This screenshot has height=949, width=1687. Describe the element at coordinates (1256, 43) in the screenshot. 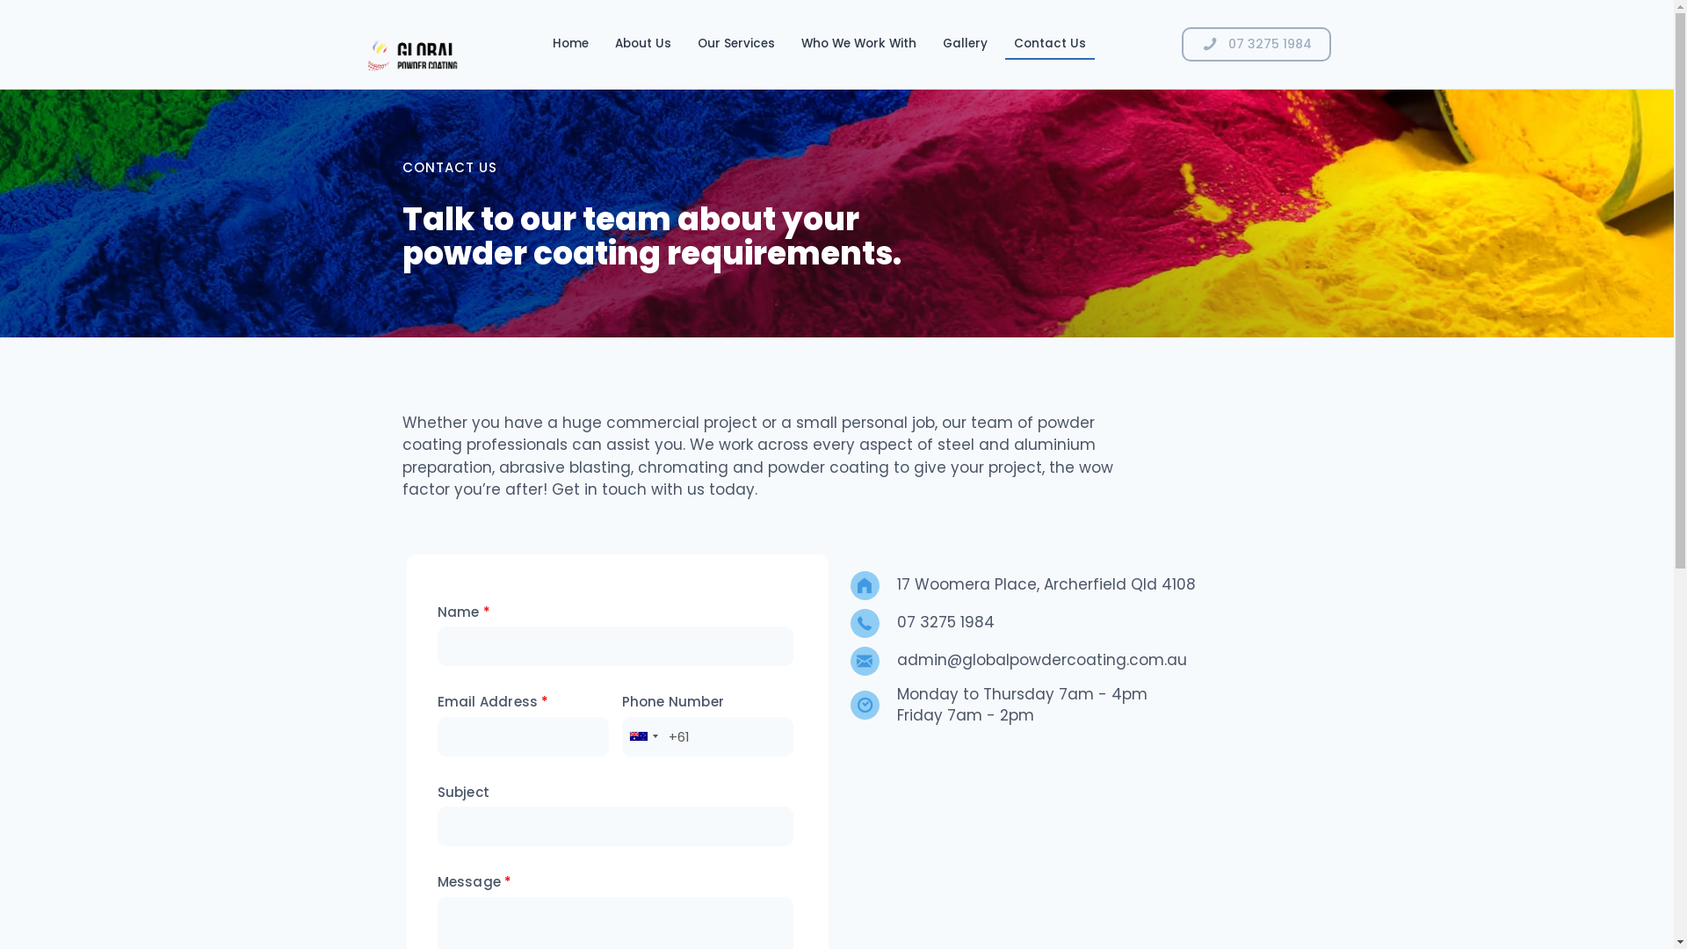

I see `'07 3275 1984'` at that location.